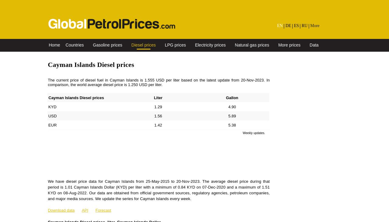 This screenshot has width=389, height=222. I want to click on 'Forecast', so click(95, 210).